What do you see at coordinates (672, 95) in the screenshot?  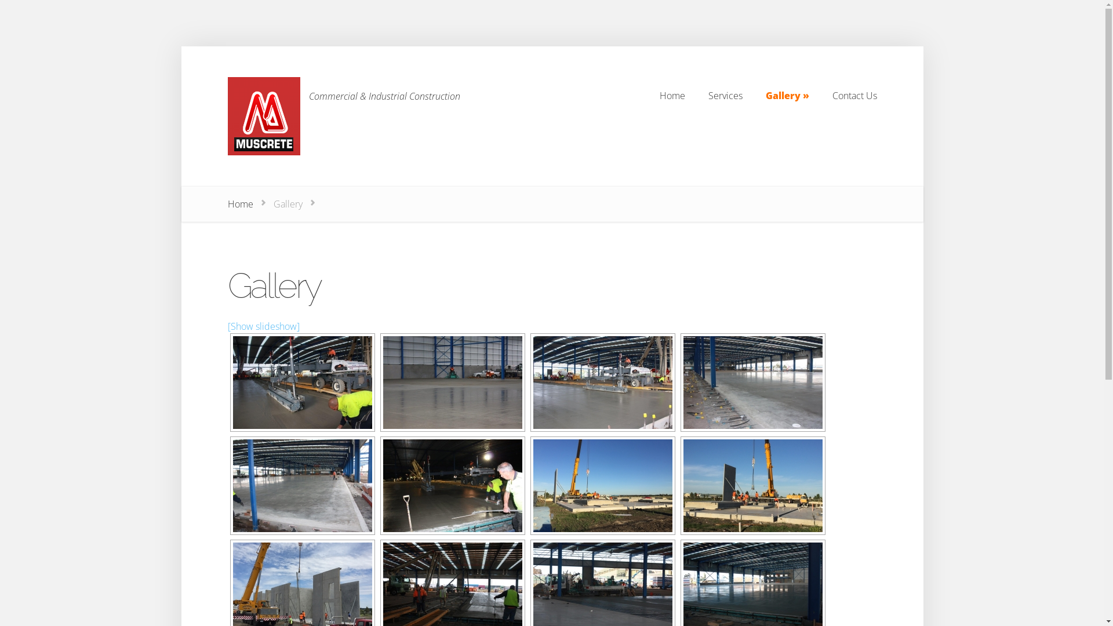 I see `'Home'` at bounding box center [672, 95].